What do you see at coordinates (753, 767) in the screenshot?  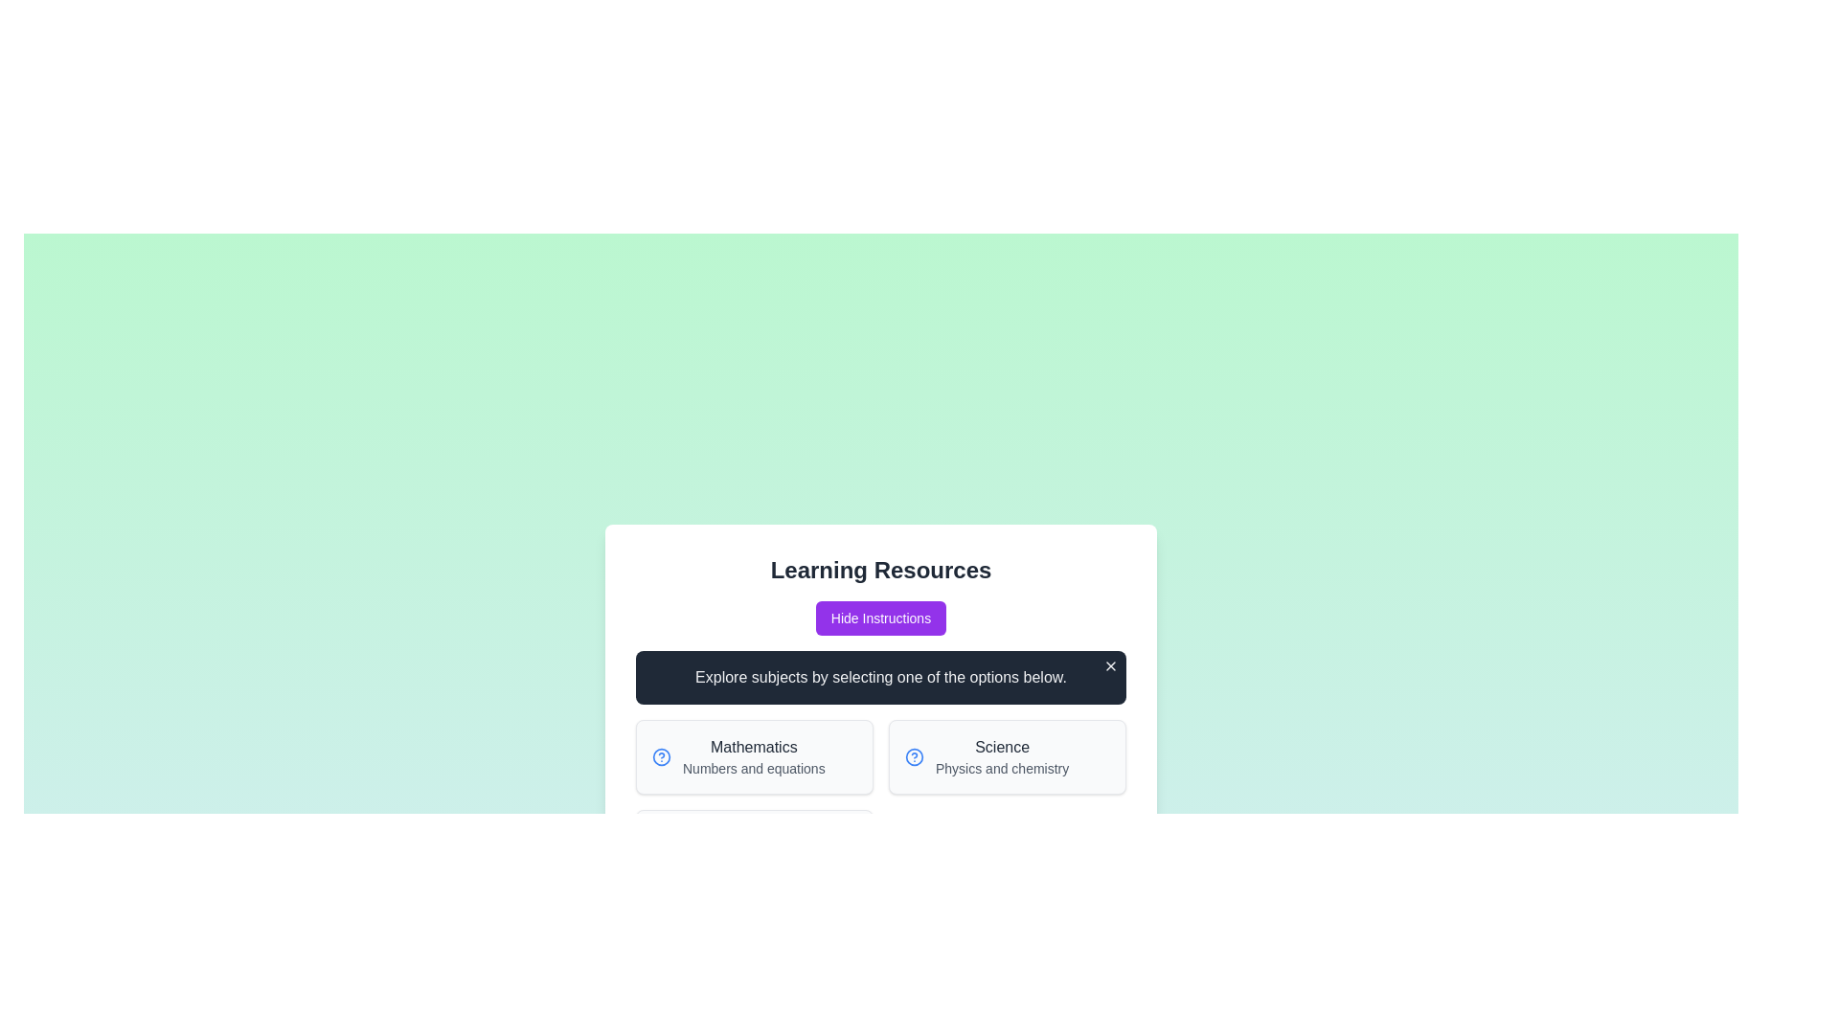 I see `text label providing additional context for the 'Mathematics' section, specifically mentioning 'Numbers and equations'` at bounding box center [753, 767].